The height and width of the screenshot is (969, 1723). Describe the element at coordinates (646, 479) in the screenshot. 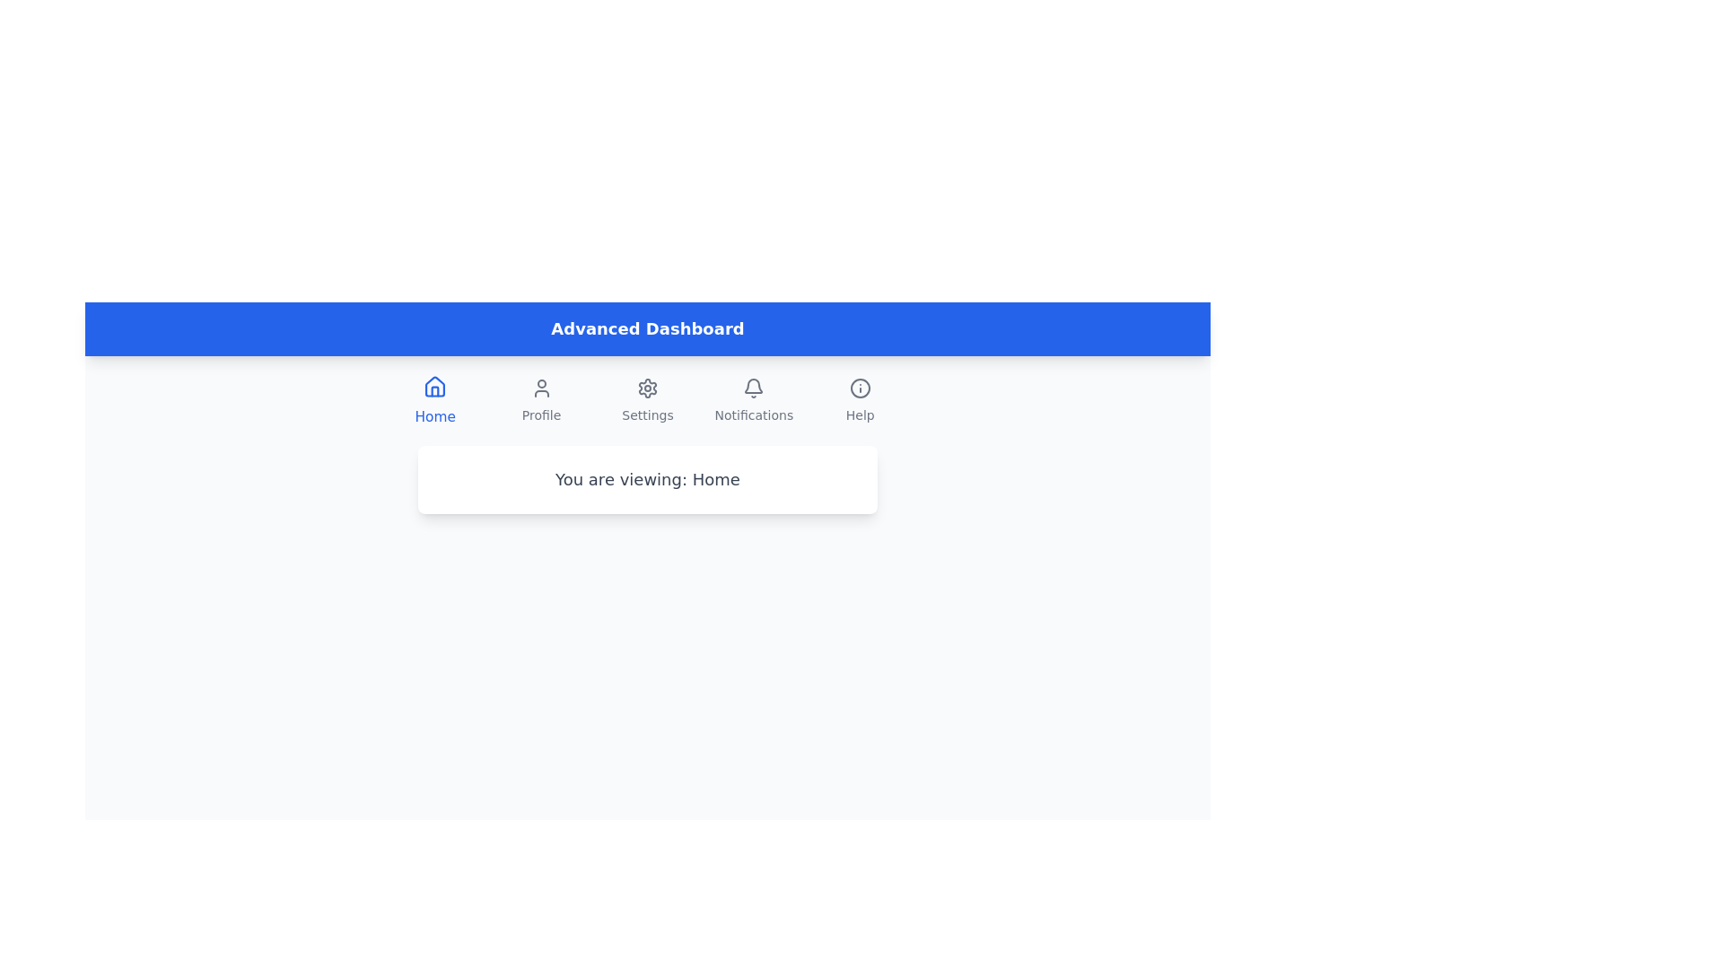

I see `the informational banner displaying the message 'You are viewing: Home', which is centered below the navigation options` at that location.